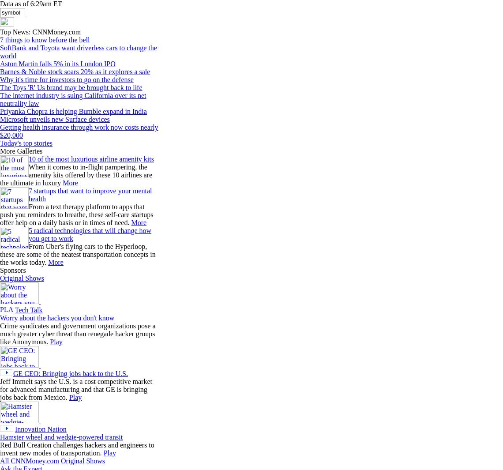 The image size is (503, 470). Describe the element at coordinates (76, 174) in the screenshot. I see `'When it comes to in-flight pampering, the amenity kits offered by these 10 airlines are the ultimate in luxury'` at that location.